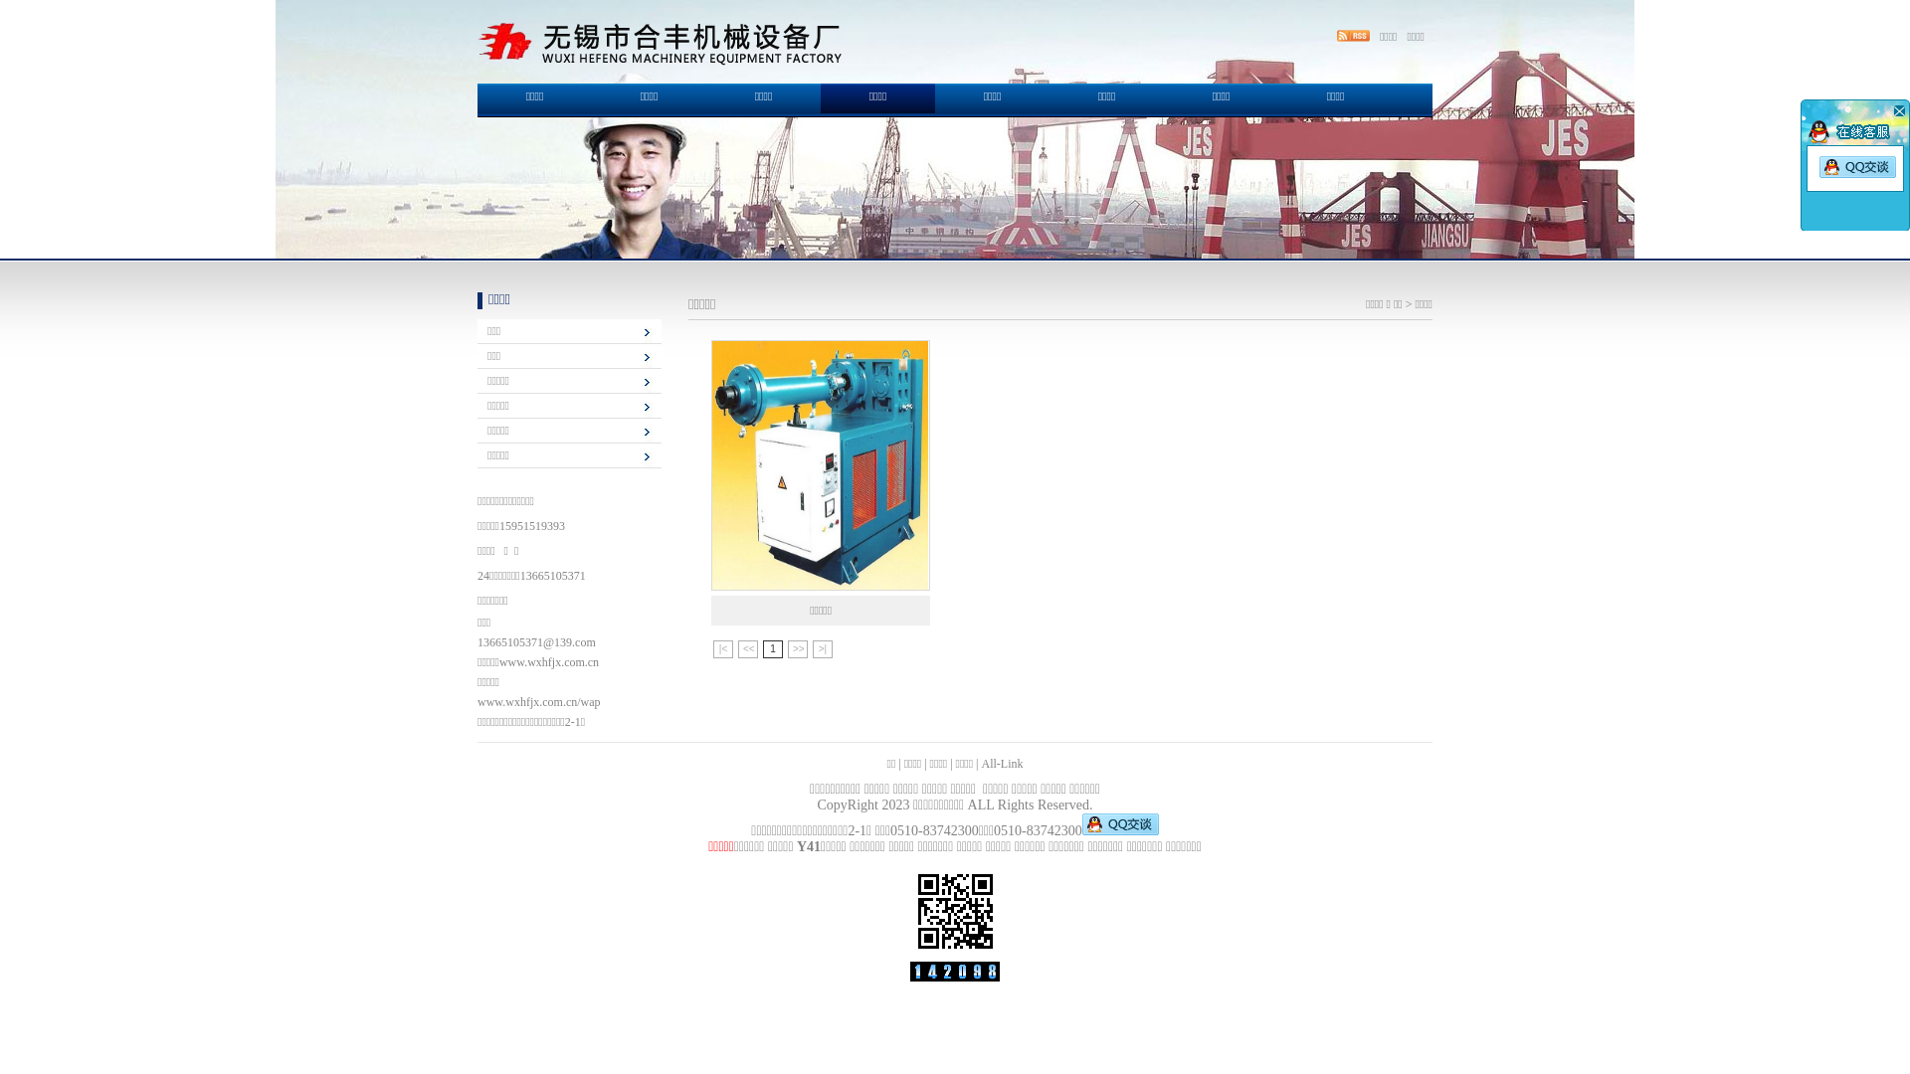 The width and height of the screenshot is (1910, 1074). Describe the element at coordinates (797, 648) in the screenshot. I see `'>>'` at that location.